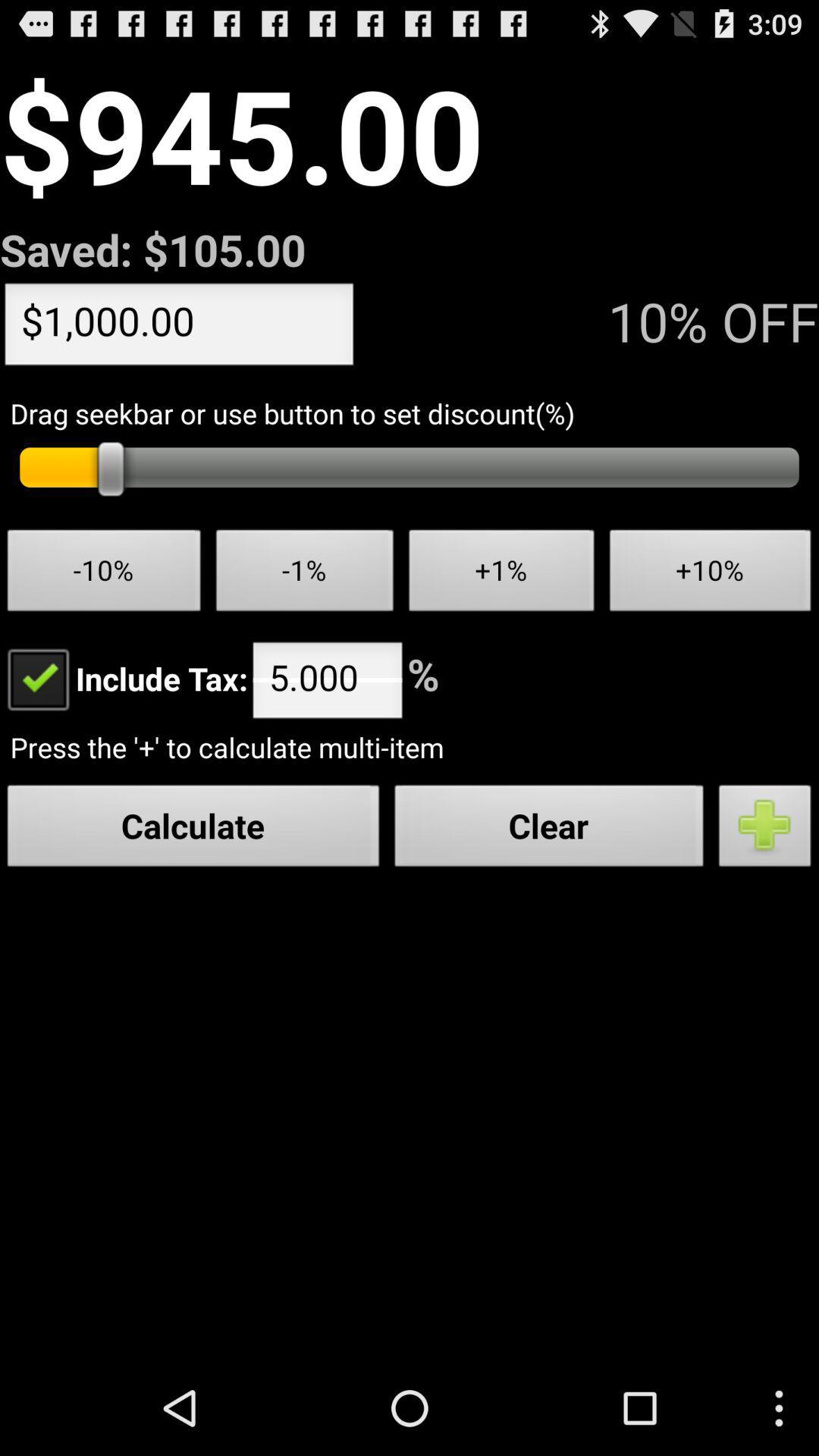 The height and width of the screenshot is (1456, 819). I want to click on $1,000.00, so click(178, 327).